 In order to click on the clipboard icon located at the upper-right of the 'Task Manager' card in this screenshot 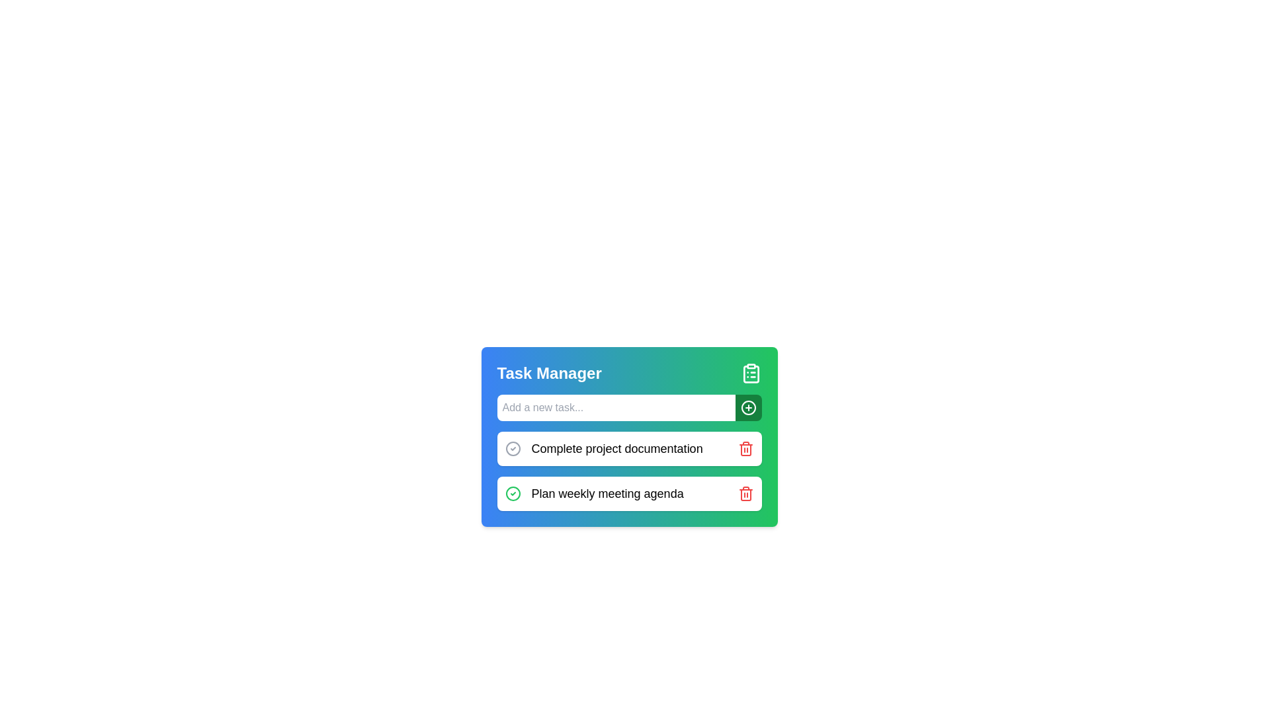, I will do `click(751, 373)`.